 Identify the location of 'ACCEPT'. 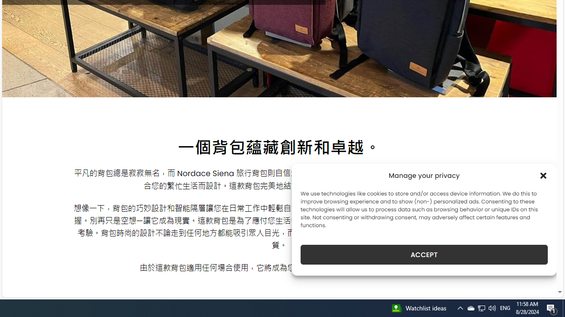
(424, 254).